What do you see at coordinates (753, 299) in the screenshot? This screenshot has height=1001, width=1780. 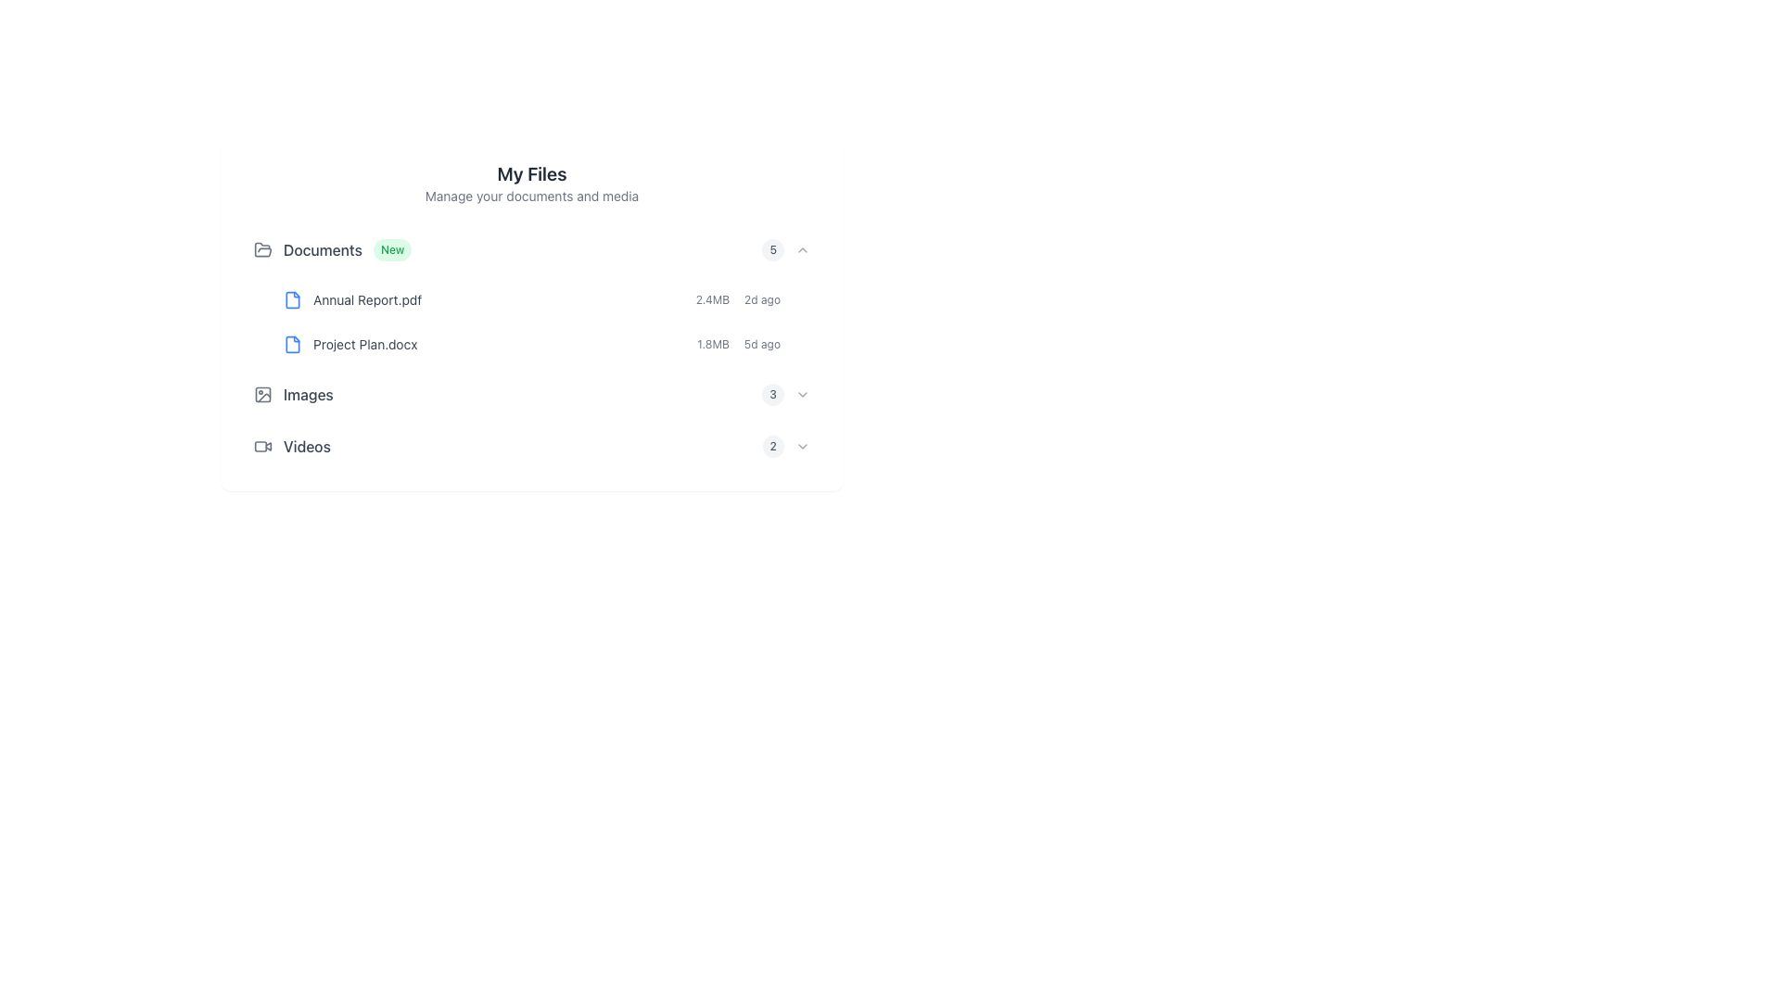 I see `the Text Label that indicates the file size and last modified time for 'Annual Report.pdf', located on the same row as the file entry and positioned to the right of the file title` at bounding box center [753, 299].